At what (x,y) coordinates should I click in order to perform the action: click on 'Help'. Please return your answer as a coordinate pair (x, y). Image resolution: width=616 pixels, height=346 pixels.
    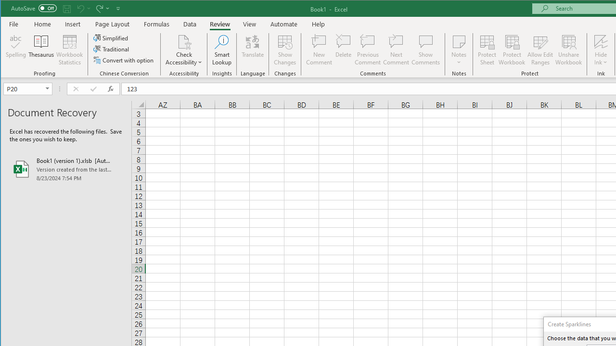
    Looking at the image, I should click on (318, 24).